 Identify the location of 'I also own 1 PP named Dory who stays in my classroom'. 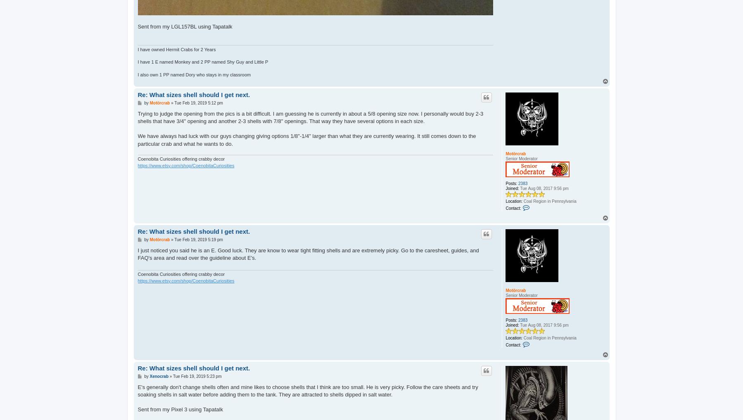
(194, 75).